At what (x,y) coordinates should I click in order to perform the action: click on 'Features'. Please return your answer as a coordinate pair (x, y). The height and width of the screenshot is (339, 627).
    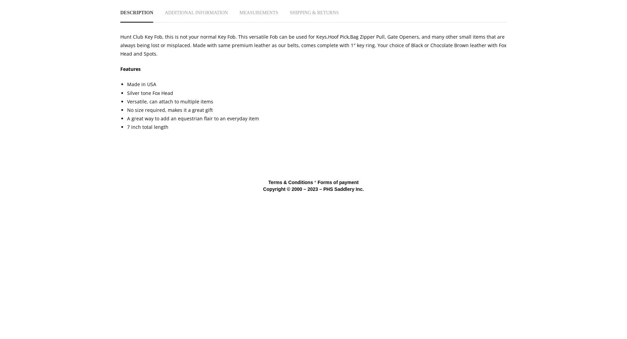
    Looking at the image, I should click on (130, 68).